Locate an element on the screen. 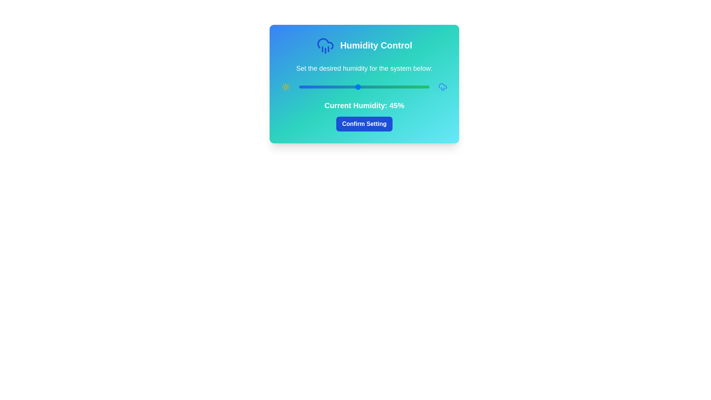 The height and width of the screenshot is (400, 711). the humidity slider to set the humidity level to 65% is located at coordinates (384, 87).